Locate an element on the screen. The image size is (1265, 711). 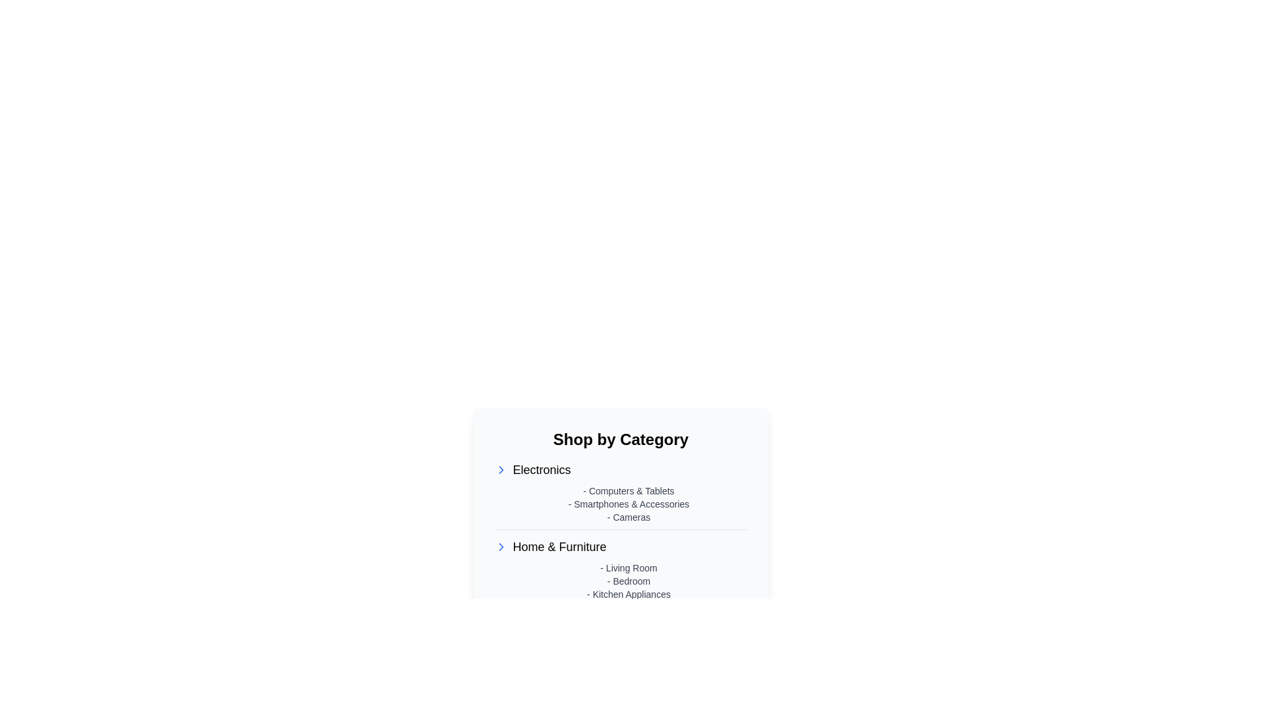
the text content under the 'Home & Furniture' category is located at coordinates (628, 581).